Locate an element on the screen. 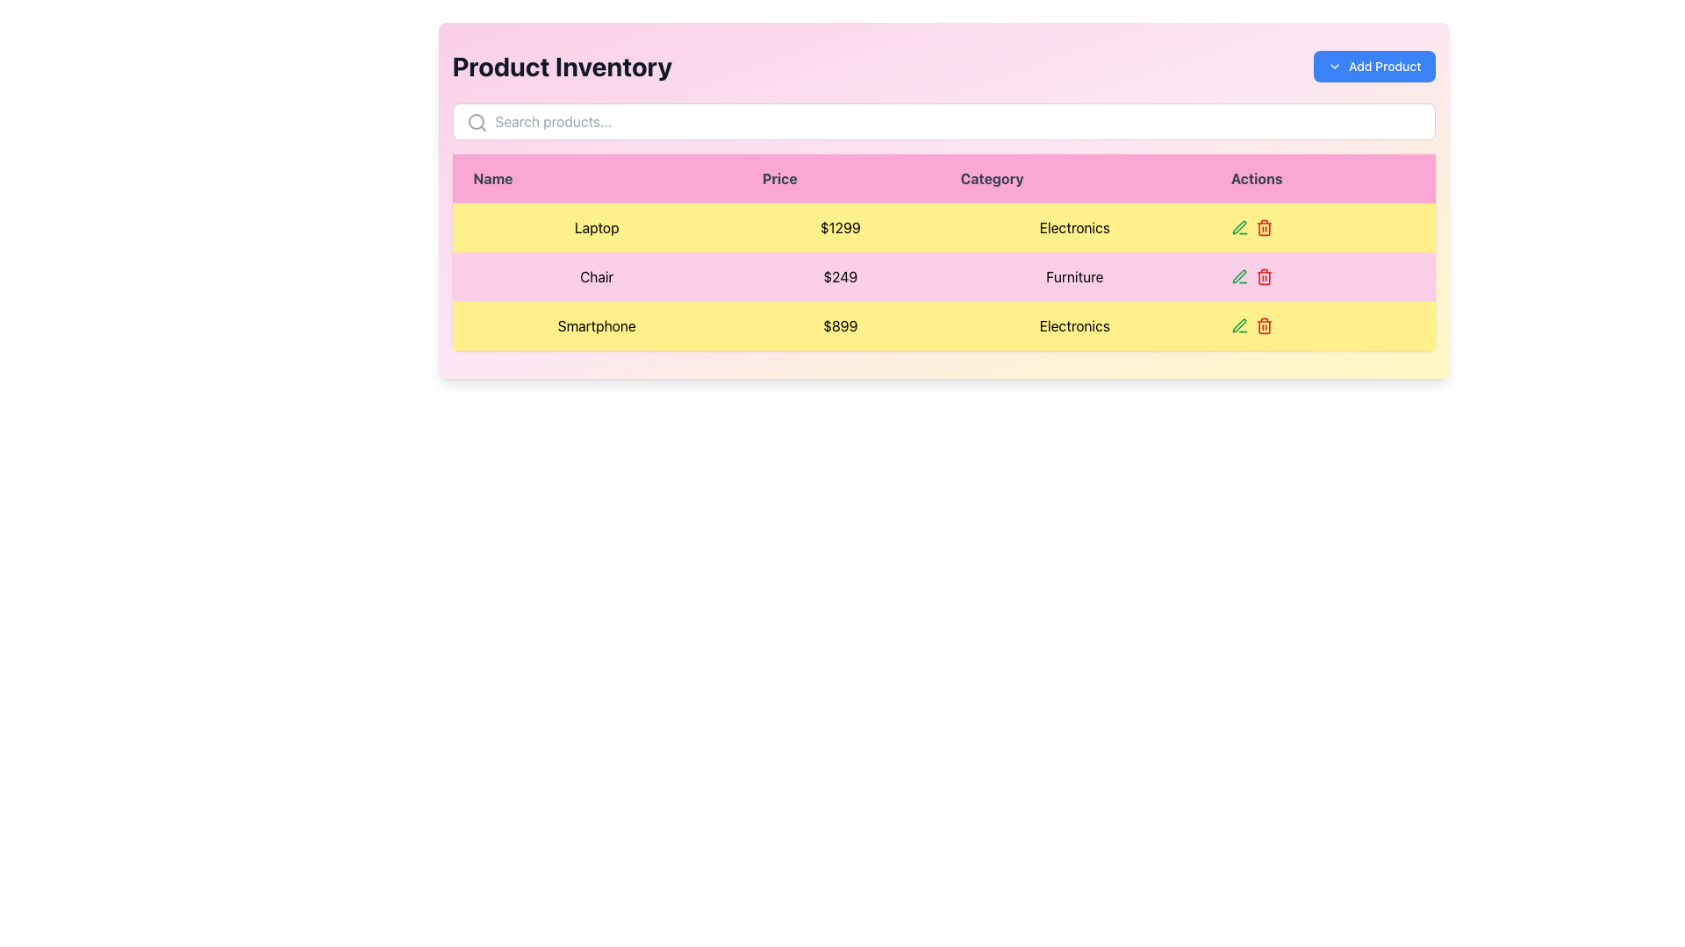  the downward-pointing chevron icon located is located at coordinates (1334, 66).